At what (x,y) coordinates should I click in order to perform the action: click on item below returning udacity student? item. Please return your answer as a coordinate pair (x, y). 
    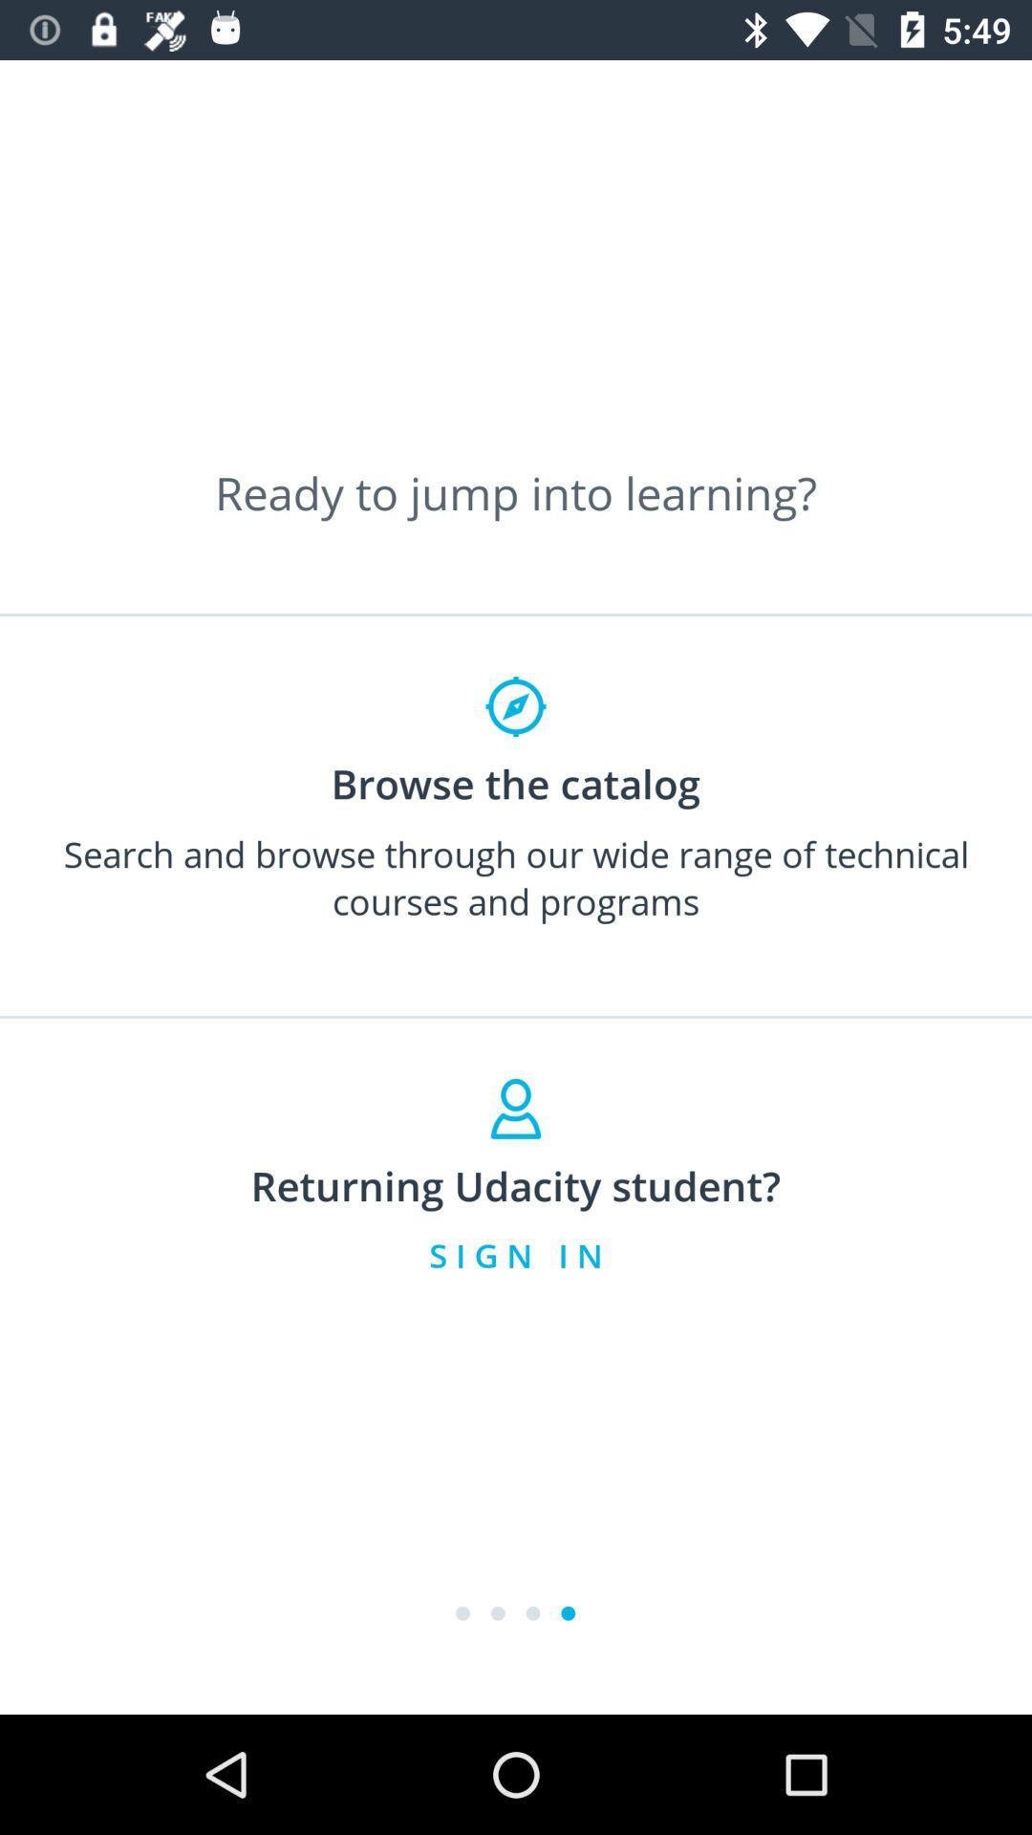
    Looking at the image, I should click on (516, 1255).